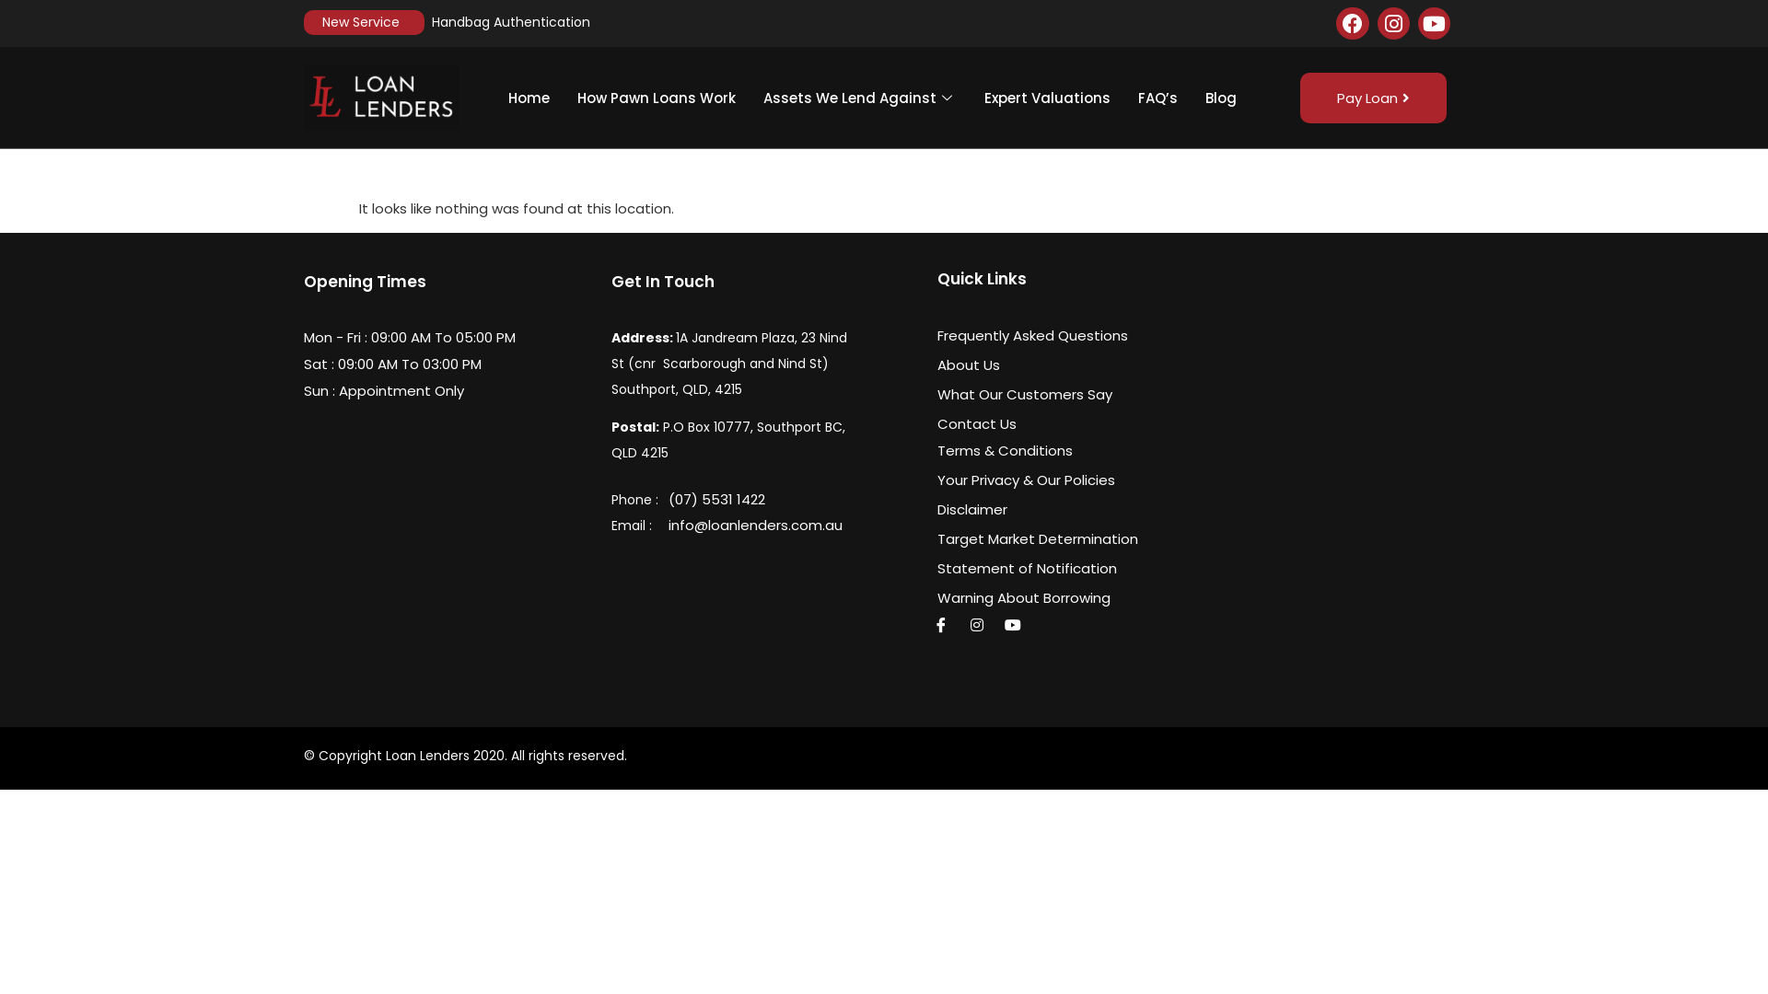  Describe the element at coordinates (528, 97) in the screenshot. I see `'Home'` at that location.